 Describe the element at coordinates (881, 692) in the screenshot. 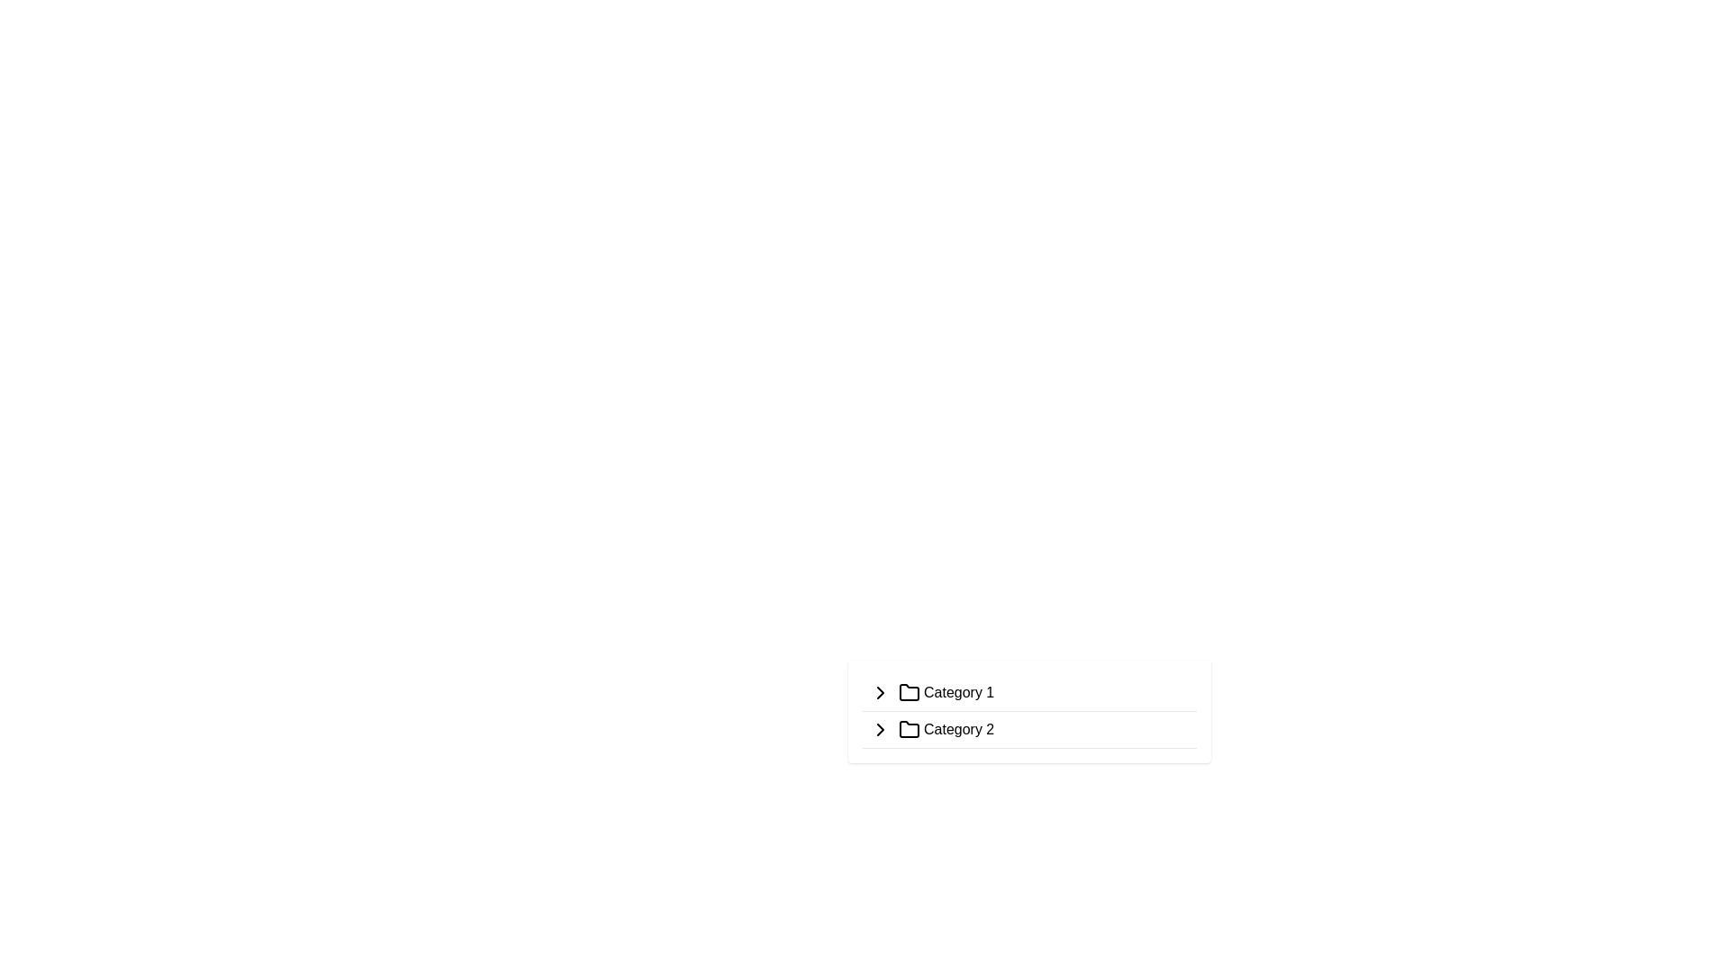

I see `the right-facing chevron icon located to the left of the folder icon and the text 'Category 1'` at that location.